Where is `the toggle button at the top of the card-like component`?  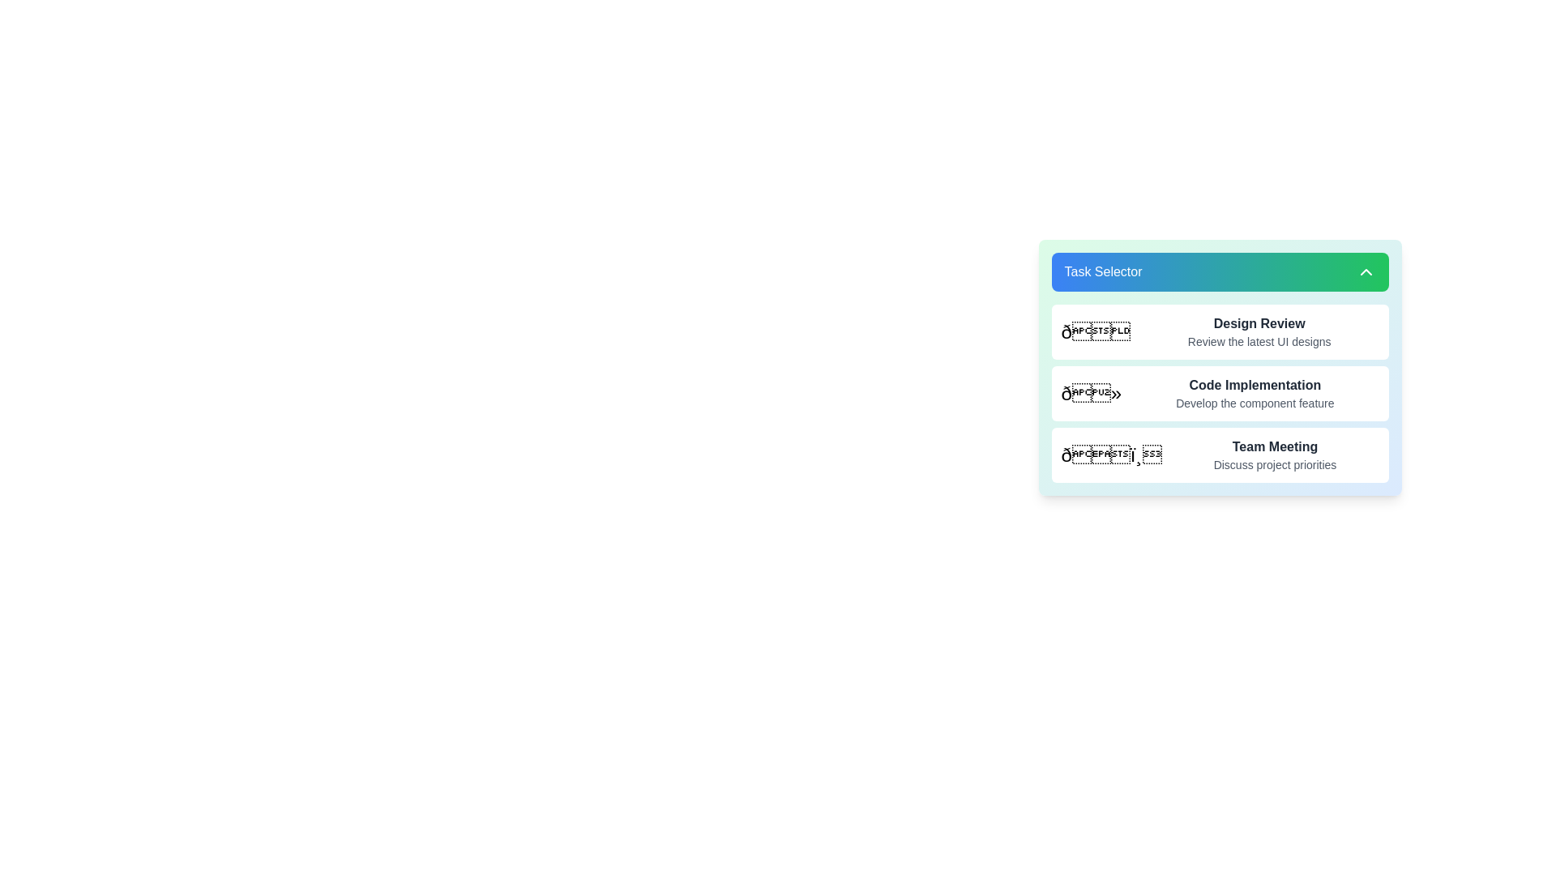
the toggle button at the top of the card-like component is located at coordinates (1220, 271).